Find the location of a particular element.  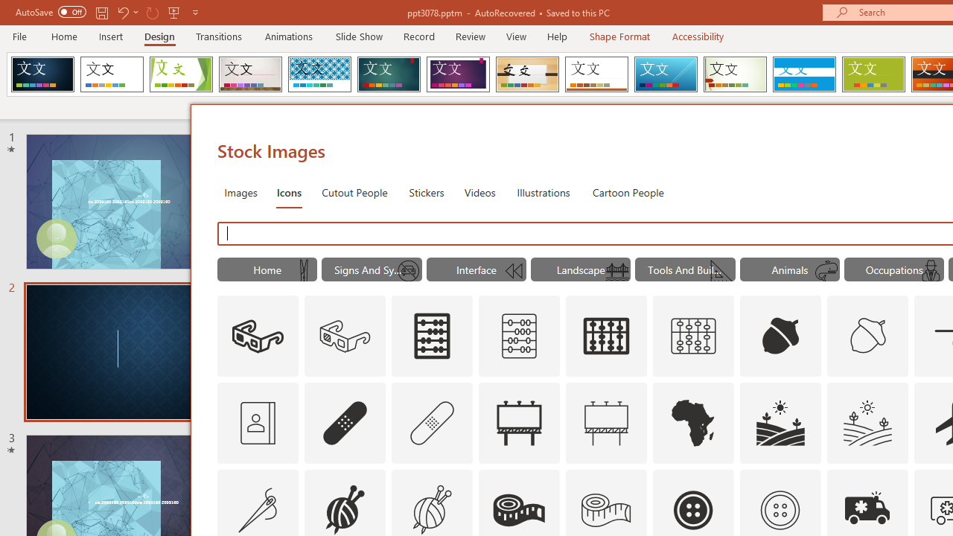

'Banded' is located at coordinates (803, 74).